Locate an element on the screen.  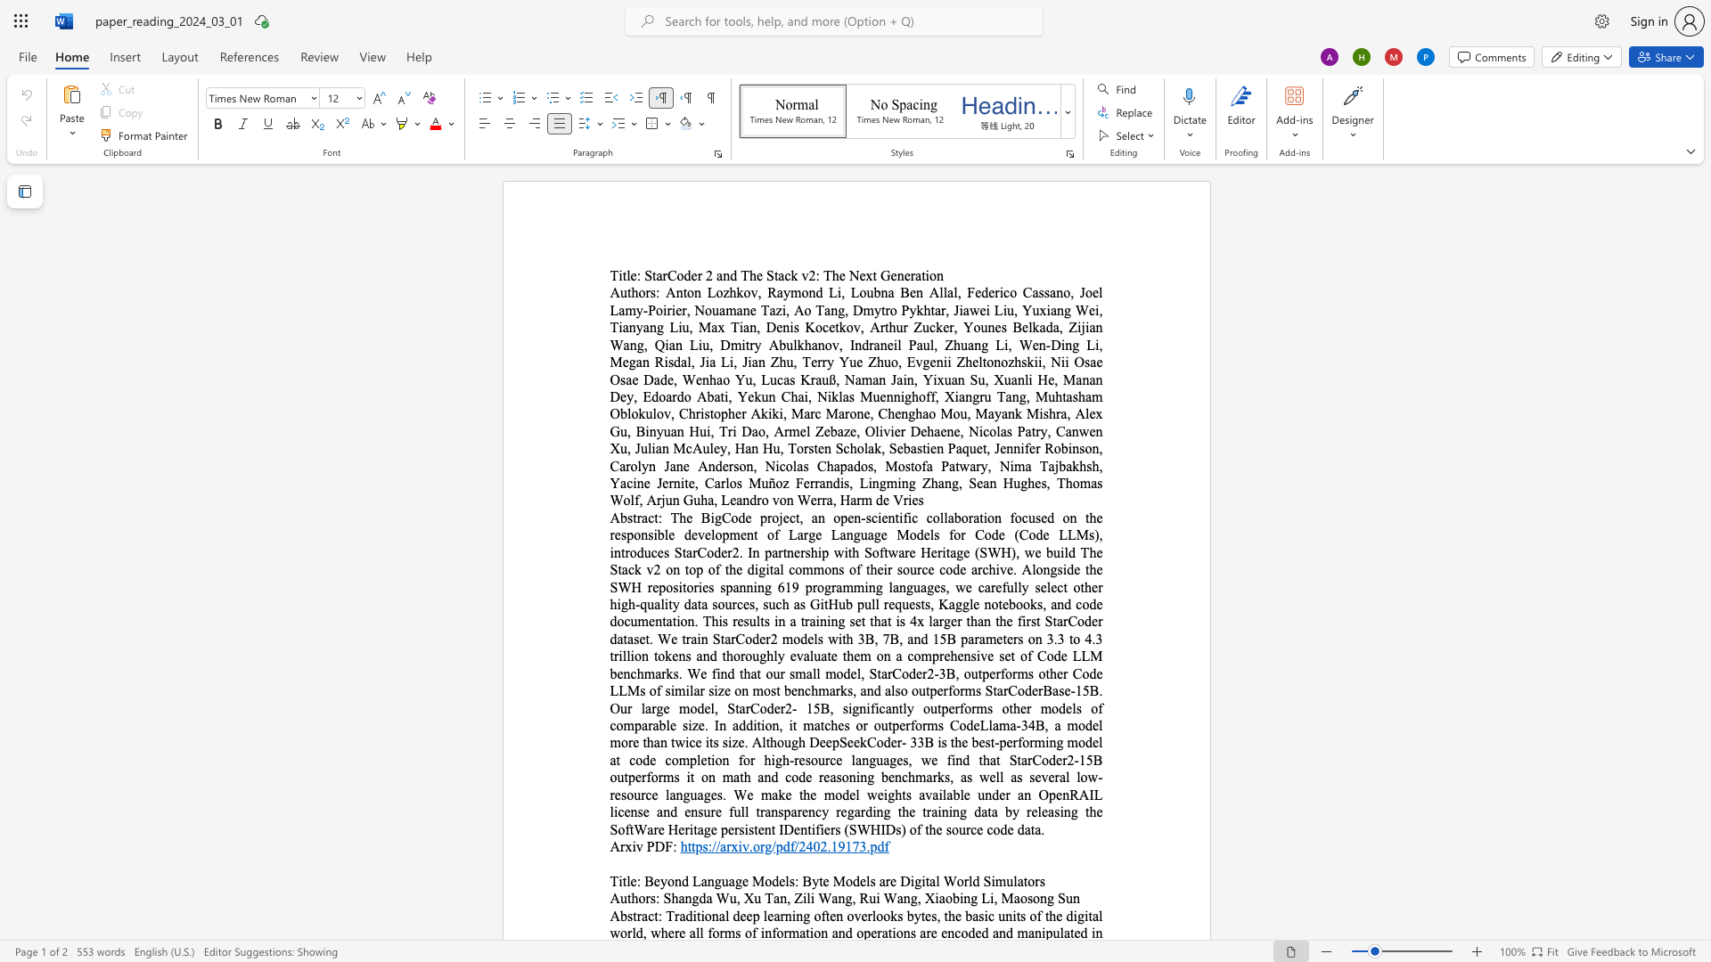
the 1th character "o" in the text is located at coordinates (757, 845).